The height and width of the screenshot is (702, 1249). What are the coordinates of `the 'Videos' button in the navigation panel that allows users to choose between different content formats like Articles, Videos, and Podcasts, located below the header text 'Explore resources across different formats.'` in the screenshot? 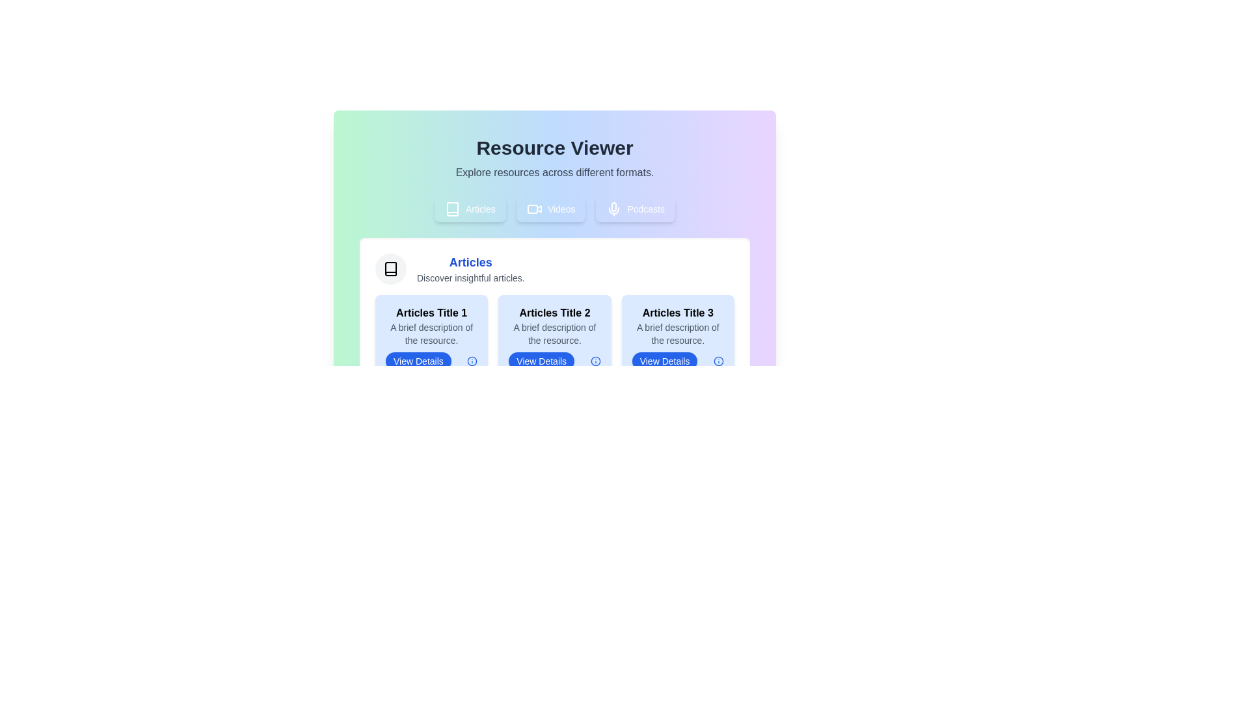 It's located at (555, 208).